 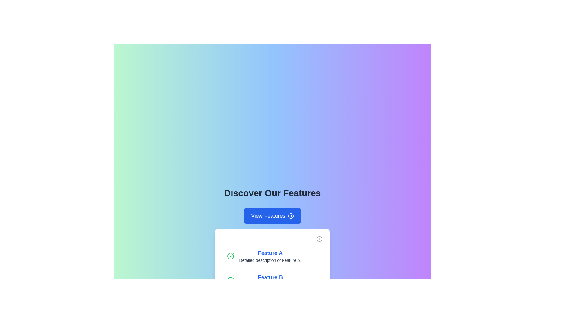 I want to click on the label with the text 'Feature B', so click(x=270, y=280).